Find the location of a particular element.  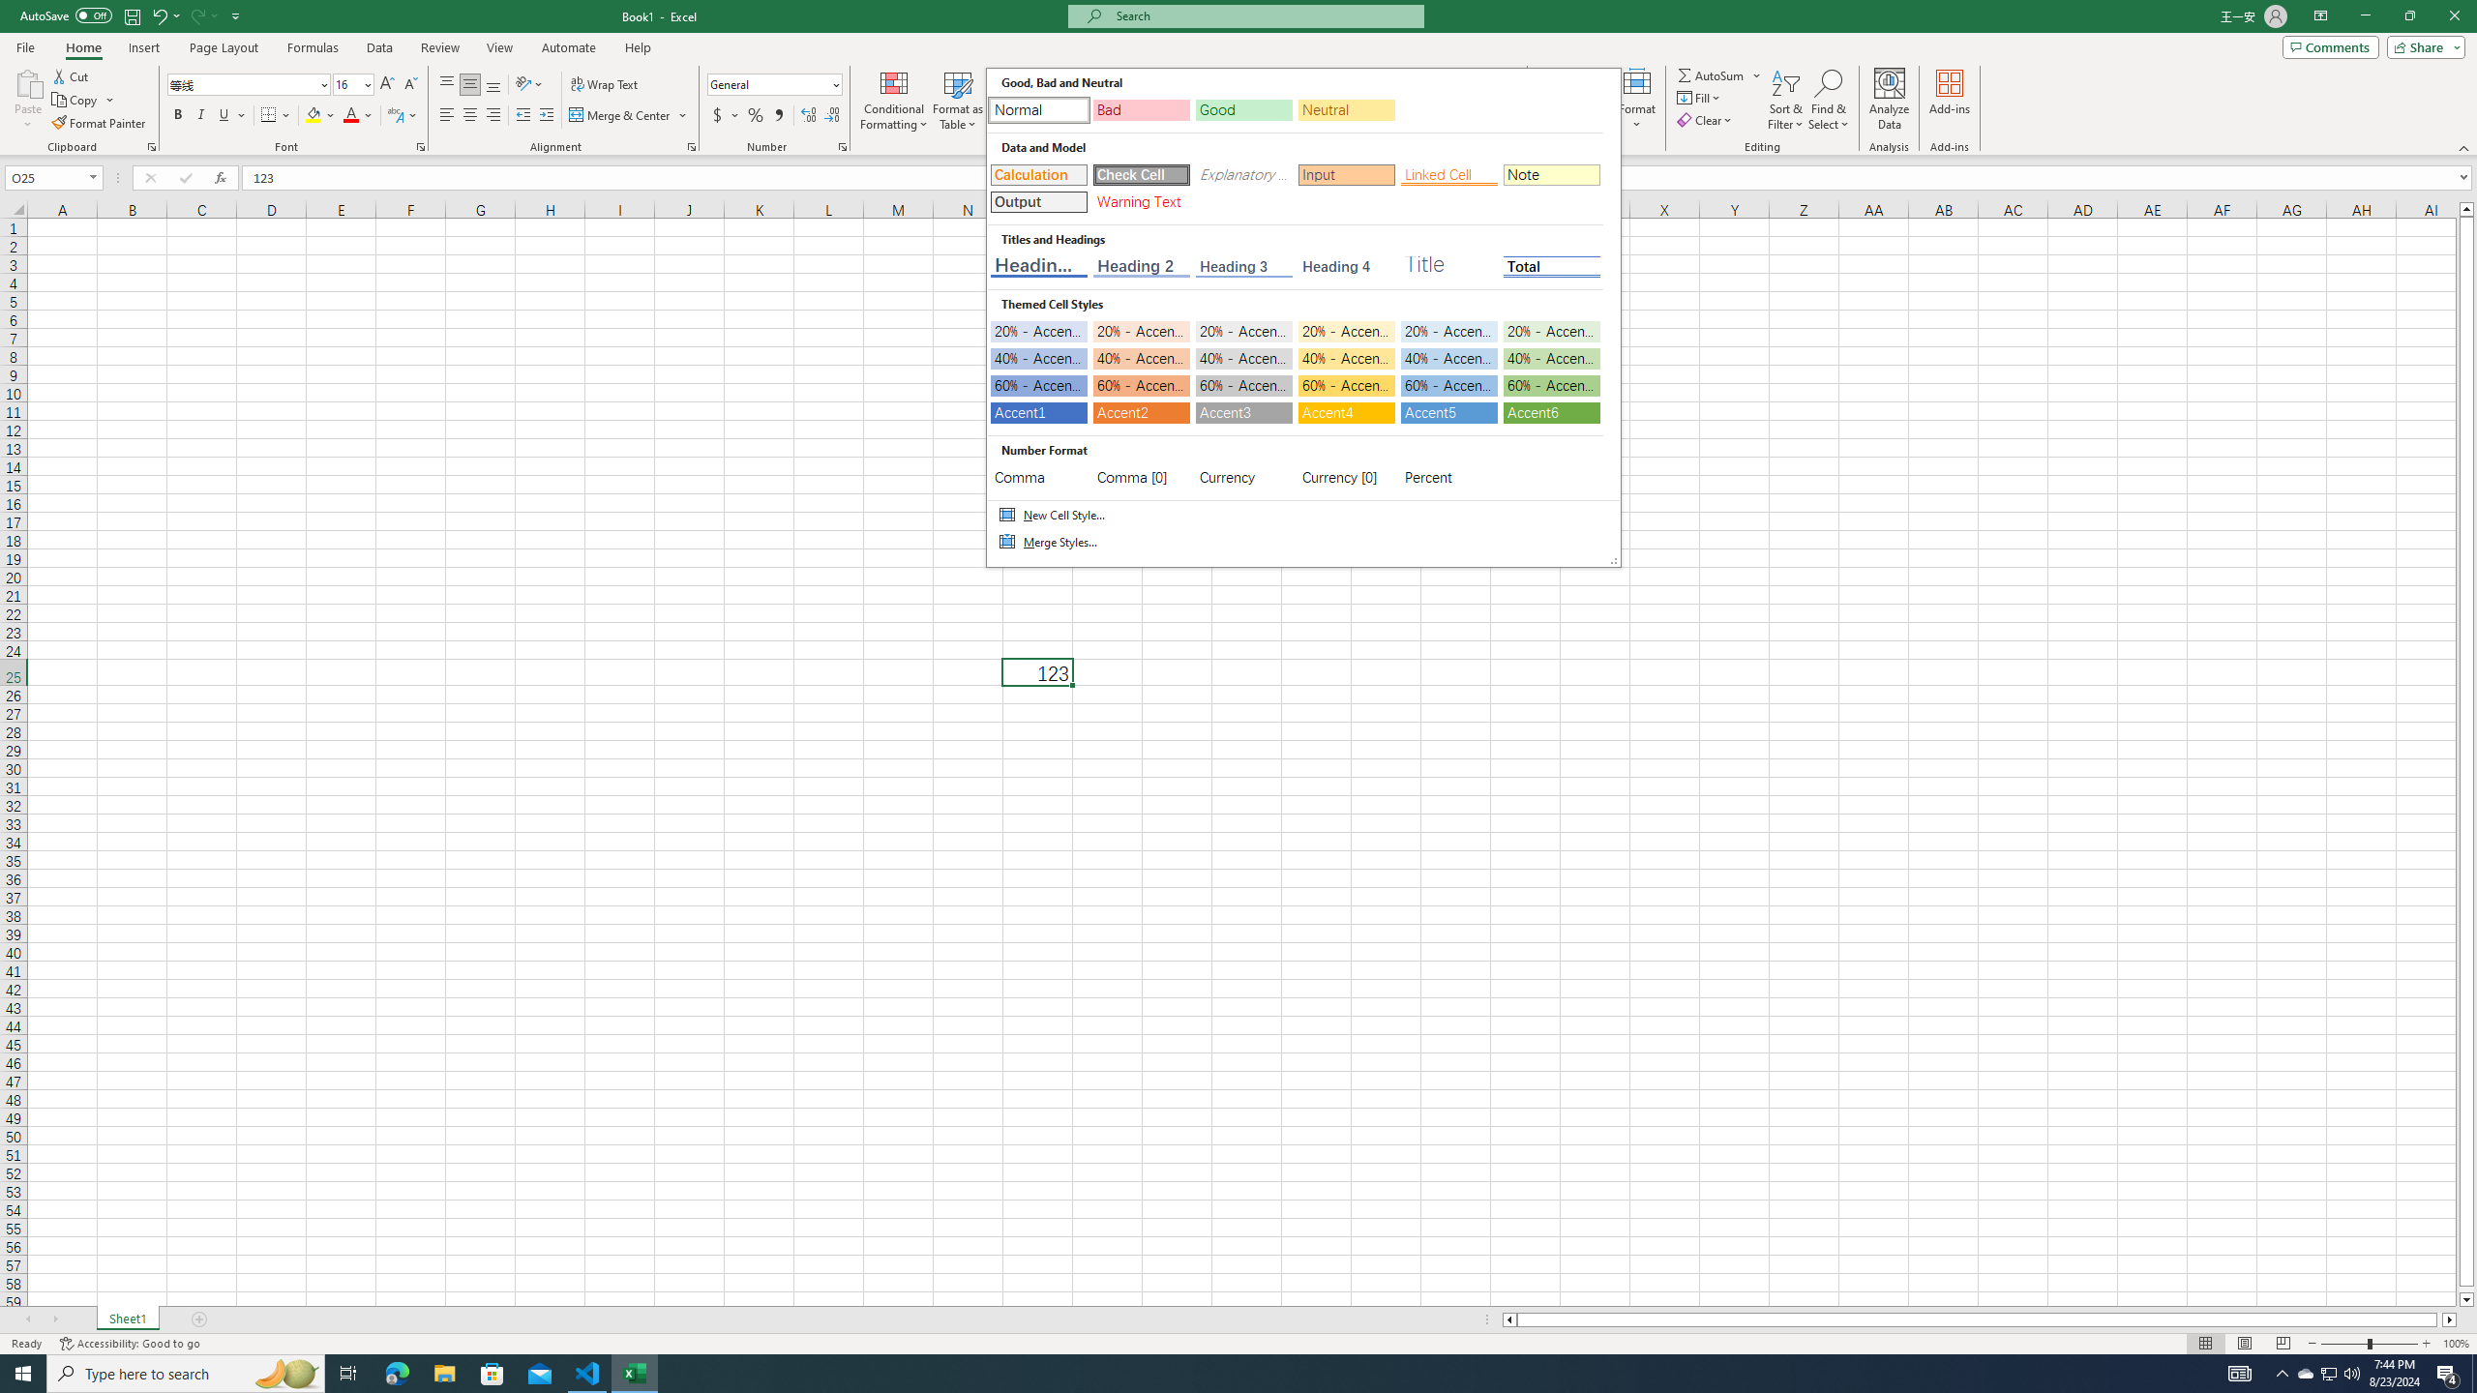

'Format Painter' is located at coordinates (99, 123).